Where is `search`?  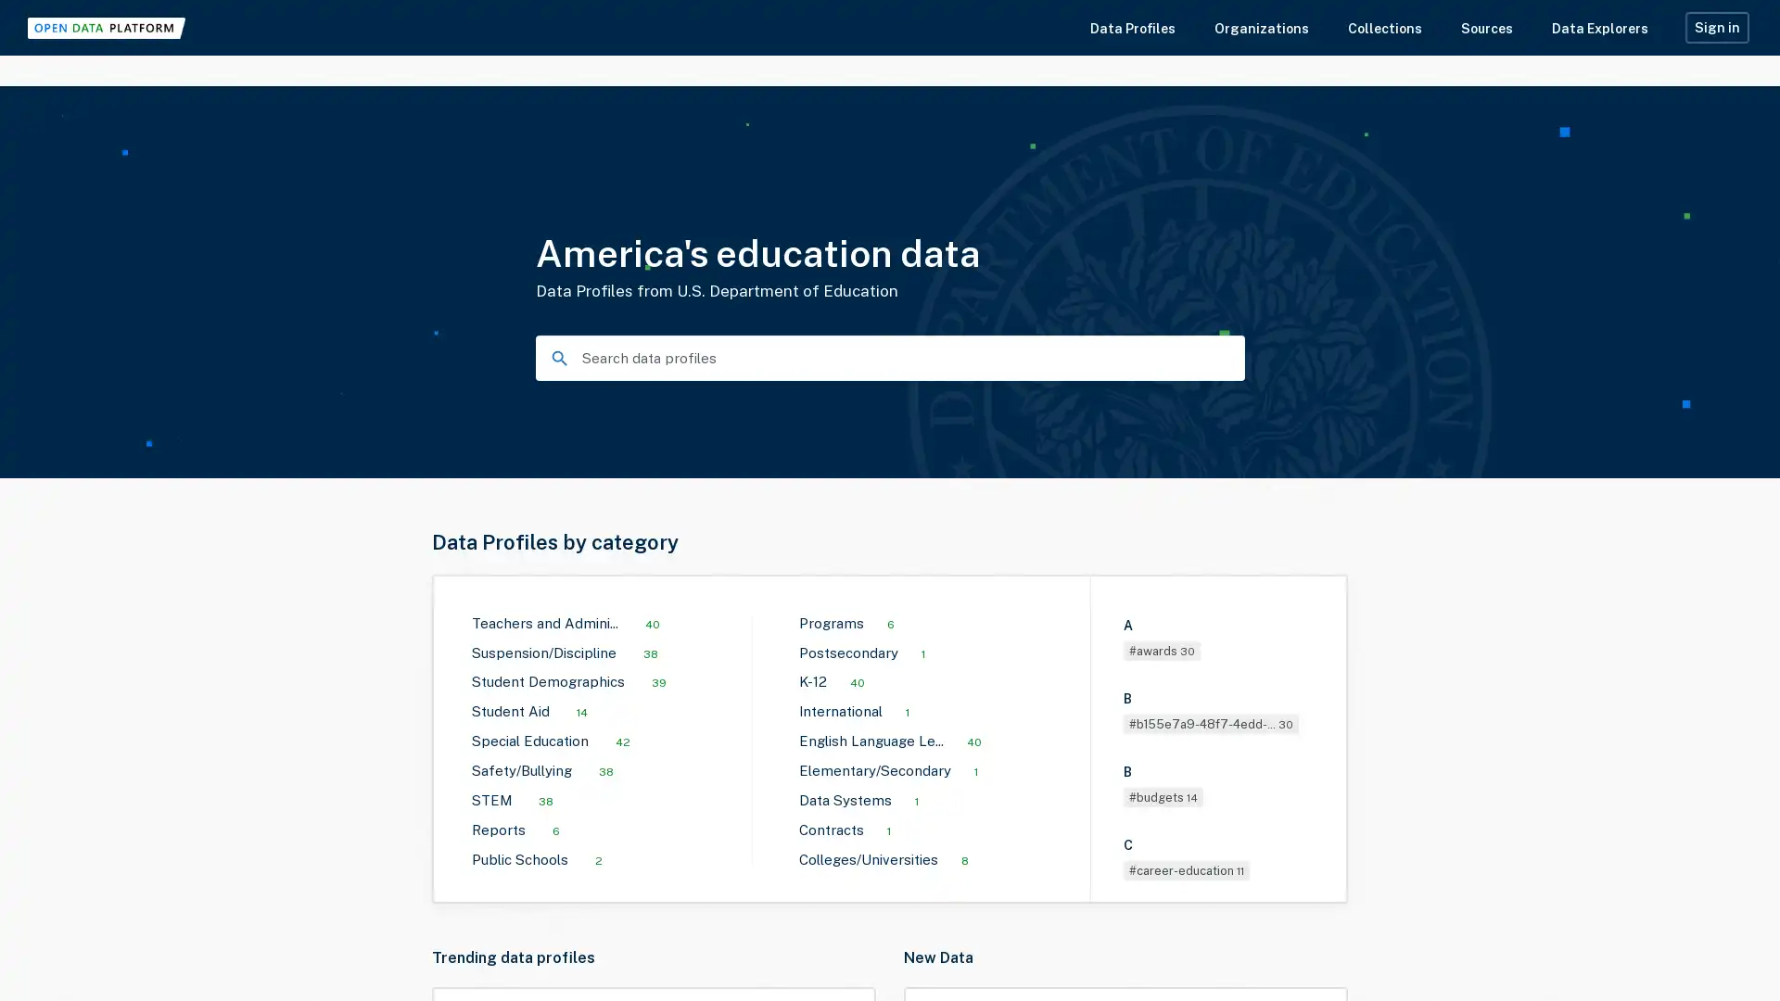
search is located at coordinates (555, 357).